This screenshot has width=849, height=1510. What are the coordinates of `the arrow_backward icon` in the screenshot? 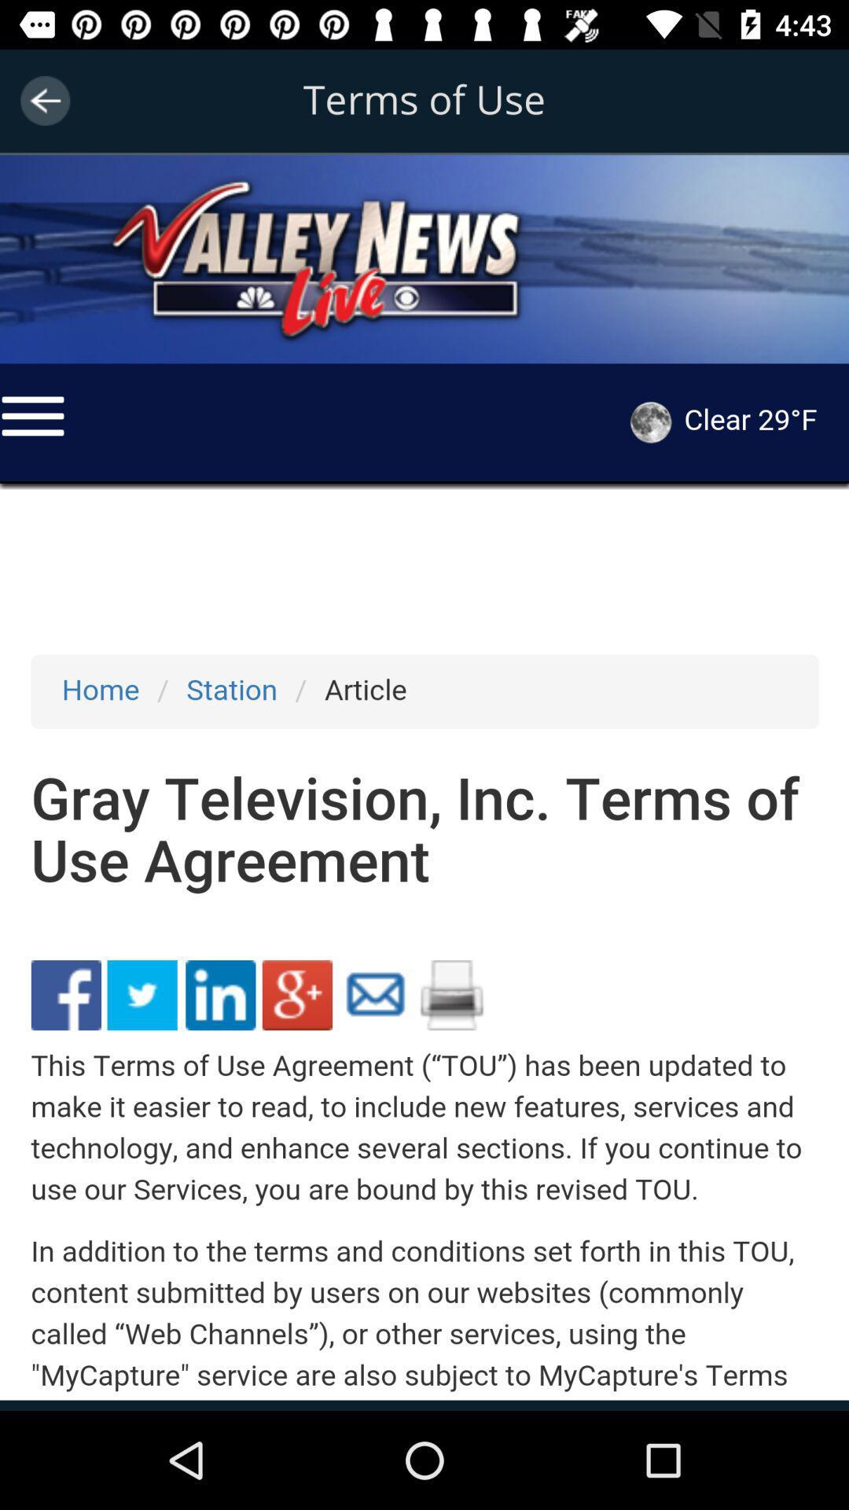 It's located at (44, 100).